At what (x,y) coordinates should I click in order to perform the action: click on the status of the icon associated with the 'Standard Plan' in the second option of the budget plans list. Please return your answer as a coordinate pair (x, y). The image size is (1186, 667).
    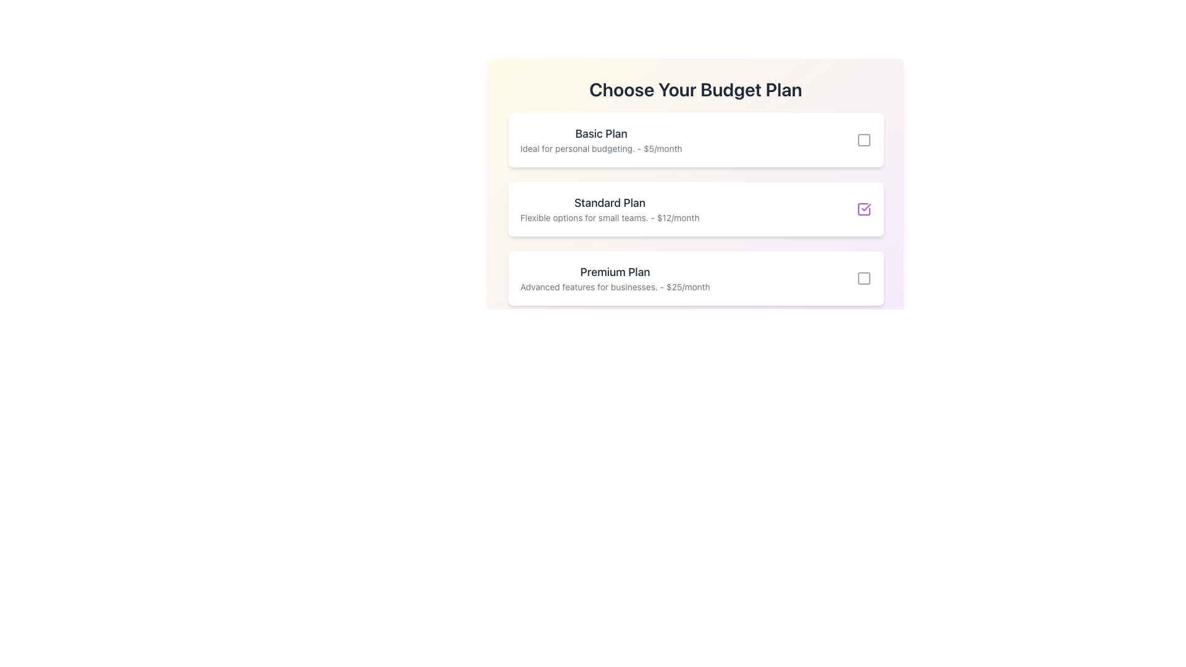
    Looking at the image, I should click on (865, 206).